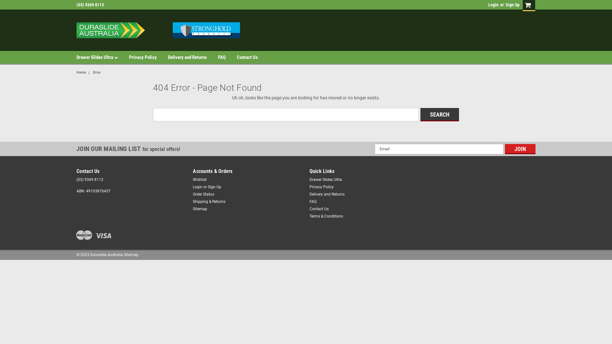  What do you see at coordinates (192, 209) in the screenshot?
I see `'Sitemap'` at bounding box center [192, 209].